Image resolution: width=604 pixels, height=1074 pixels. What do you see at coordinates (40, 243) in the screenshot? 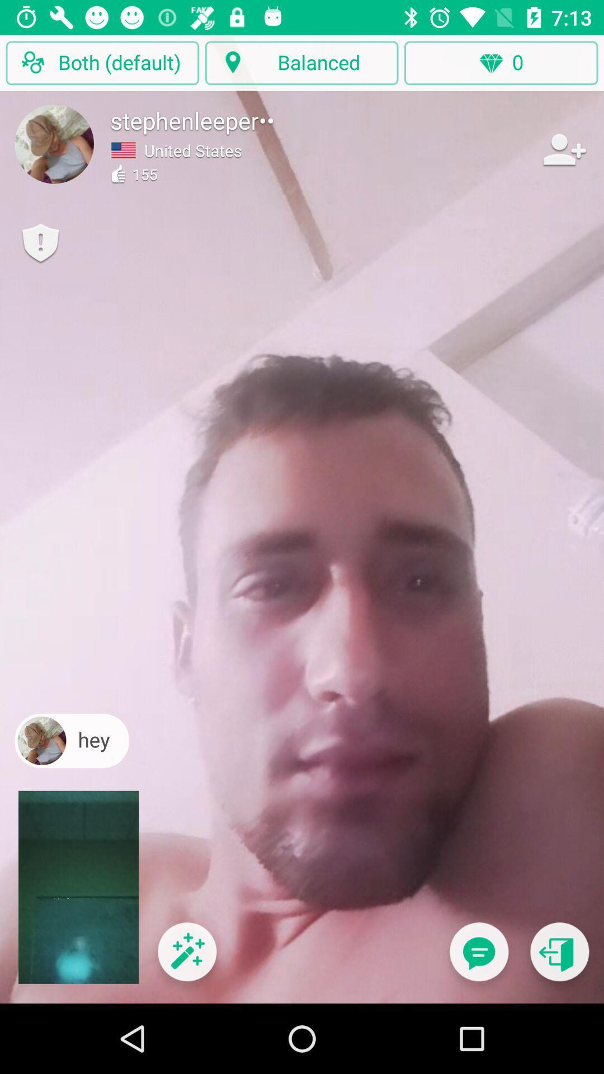
I see `the warning icon` at bounding box center [40, 243].